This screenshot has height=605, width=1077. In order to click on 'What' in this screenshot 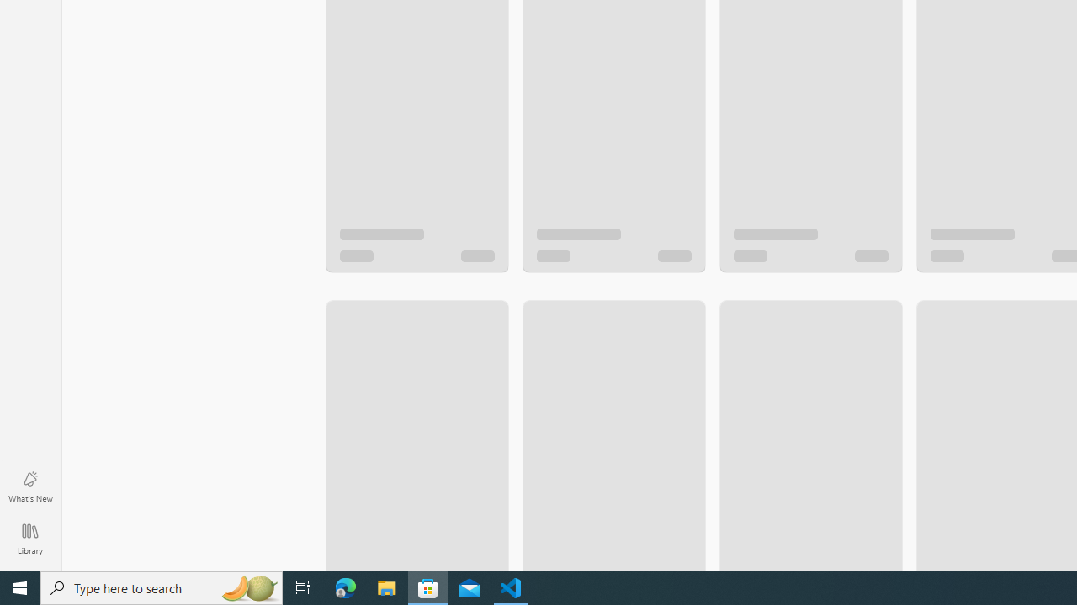, I will do `click(29, 486)`.